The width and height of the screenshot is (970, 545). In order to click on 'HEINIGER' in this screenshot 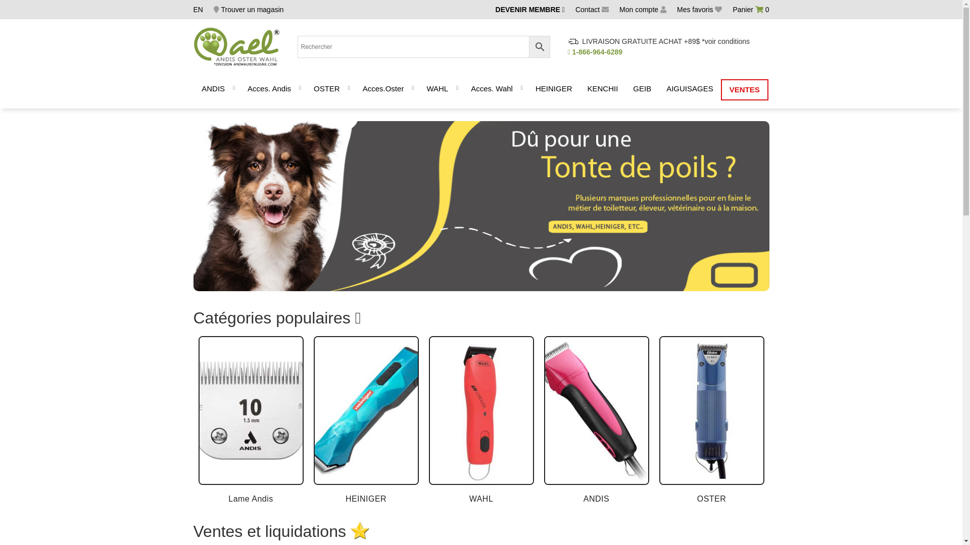, I will do `click(553, 89)`.